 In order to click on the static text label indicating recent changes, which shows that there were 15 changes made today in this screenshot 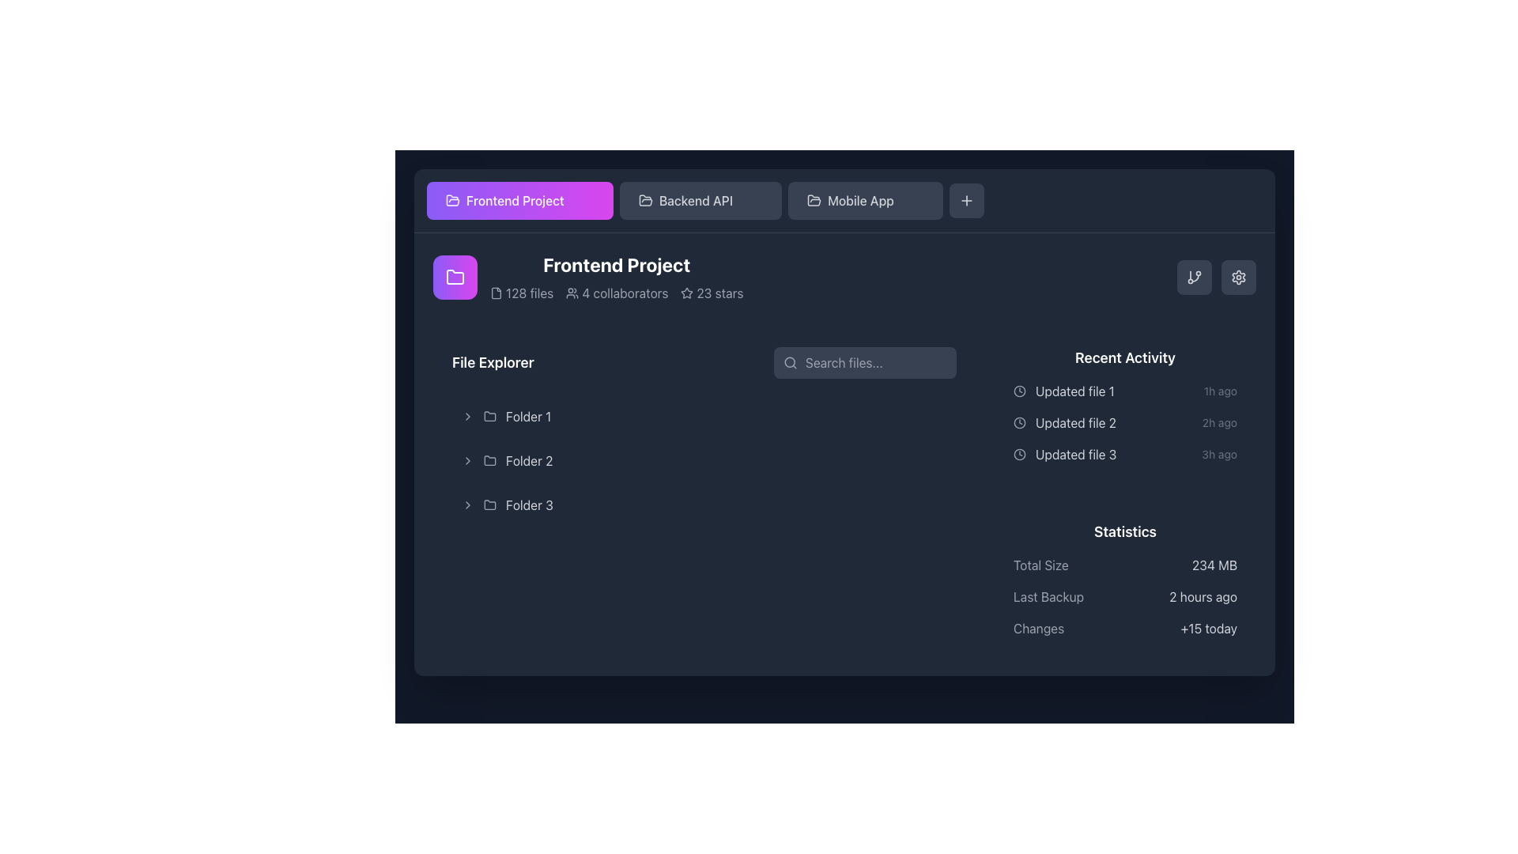, I will do `click(1208, 627)`.